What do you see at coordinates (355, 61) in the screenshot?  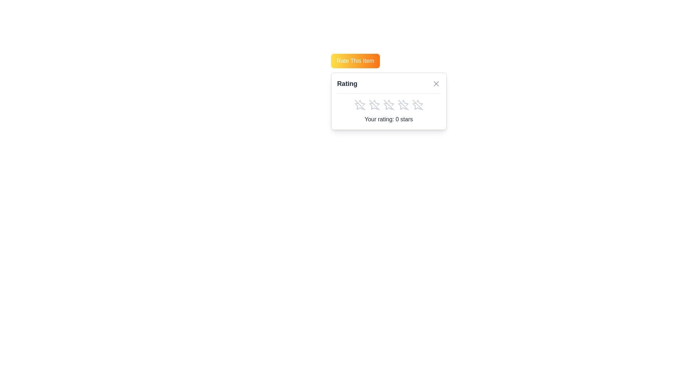 I see `the 'Rate This Item' button, which is a rectangular button with rounded corners, featuring a gradient from yellow to orange and centered white text` at bounding box center [355, 61].